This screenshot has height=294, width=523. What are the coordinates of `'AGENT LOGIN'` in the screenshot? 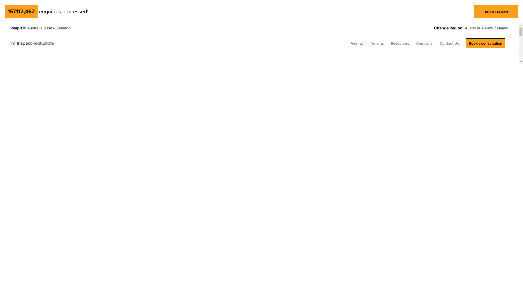 It's located at (496, 11).